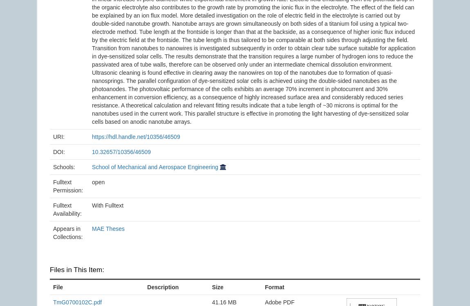  I want to click on 'TmG0700102C.pdf', so click(77, 301).